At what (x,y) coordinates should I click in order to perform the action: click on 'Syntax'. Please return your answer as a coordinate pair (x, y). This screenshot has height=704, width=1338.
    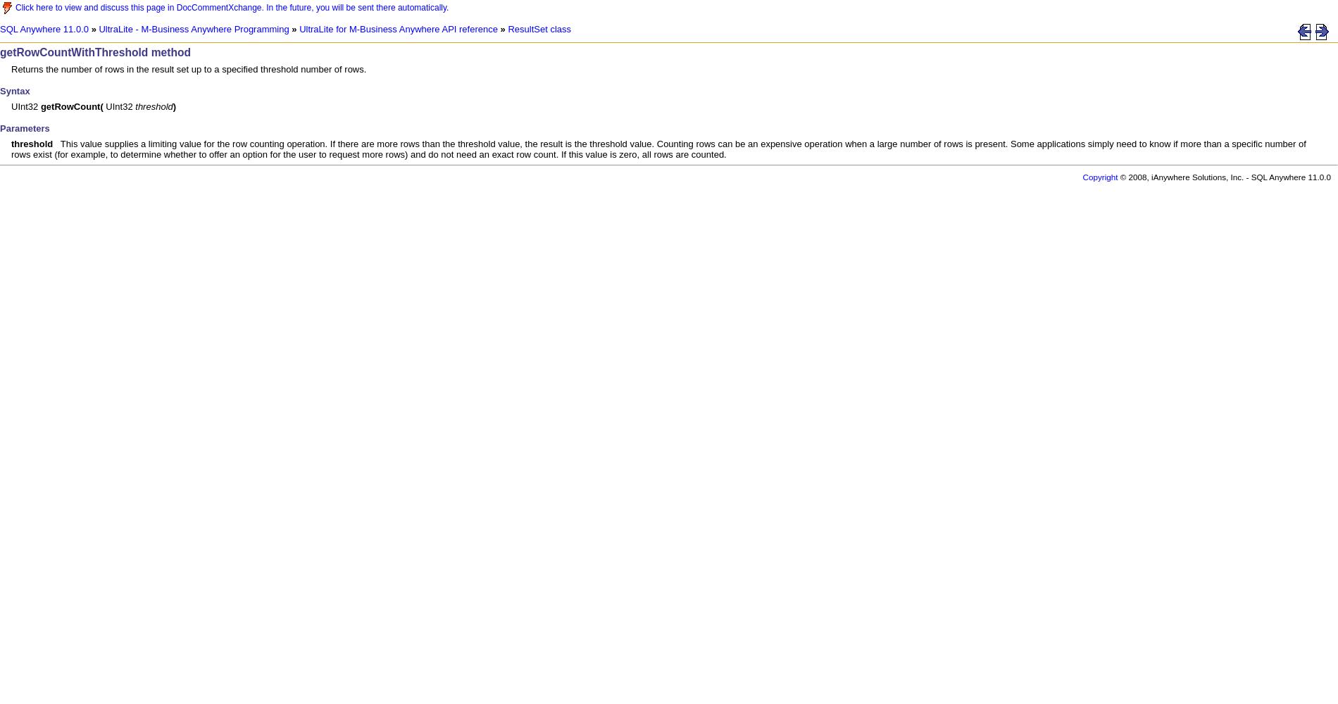
    Looking at the image, I should click on (15, 91).